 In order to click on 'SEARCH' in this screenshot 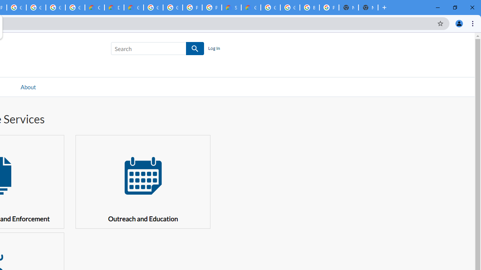, I will do `click(195, 49)`.